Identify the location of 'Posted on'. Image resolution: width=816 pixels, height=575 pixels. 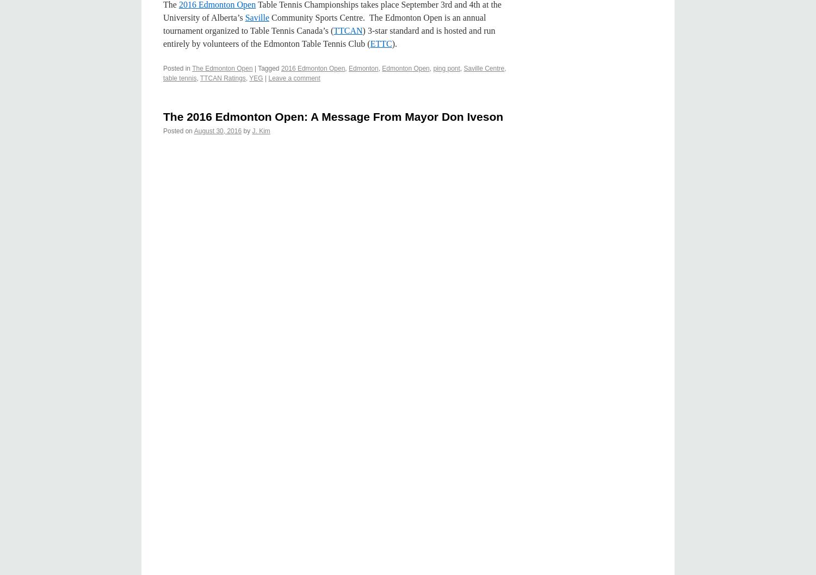
(177, 130).